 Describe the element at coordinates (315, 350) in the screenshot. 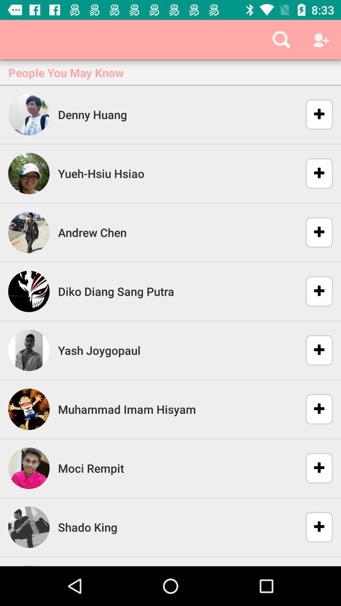

I see `the fifth plus button from top` at that location.